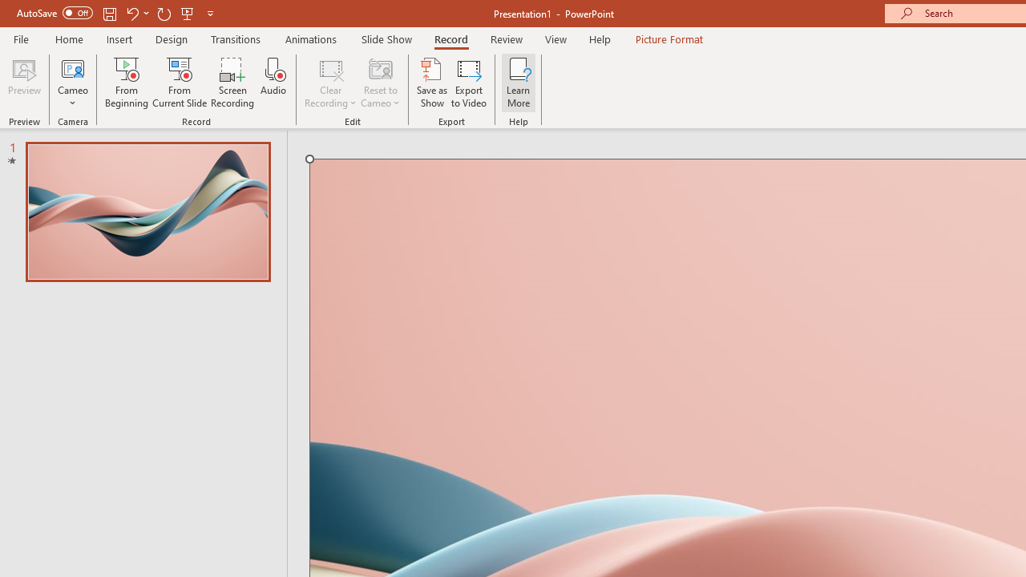 The height and width of the screenshot is (577, 1026). I want to click on 'Transitions', so click(236, 38).